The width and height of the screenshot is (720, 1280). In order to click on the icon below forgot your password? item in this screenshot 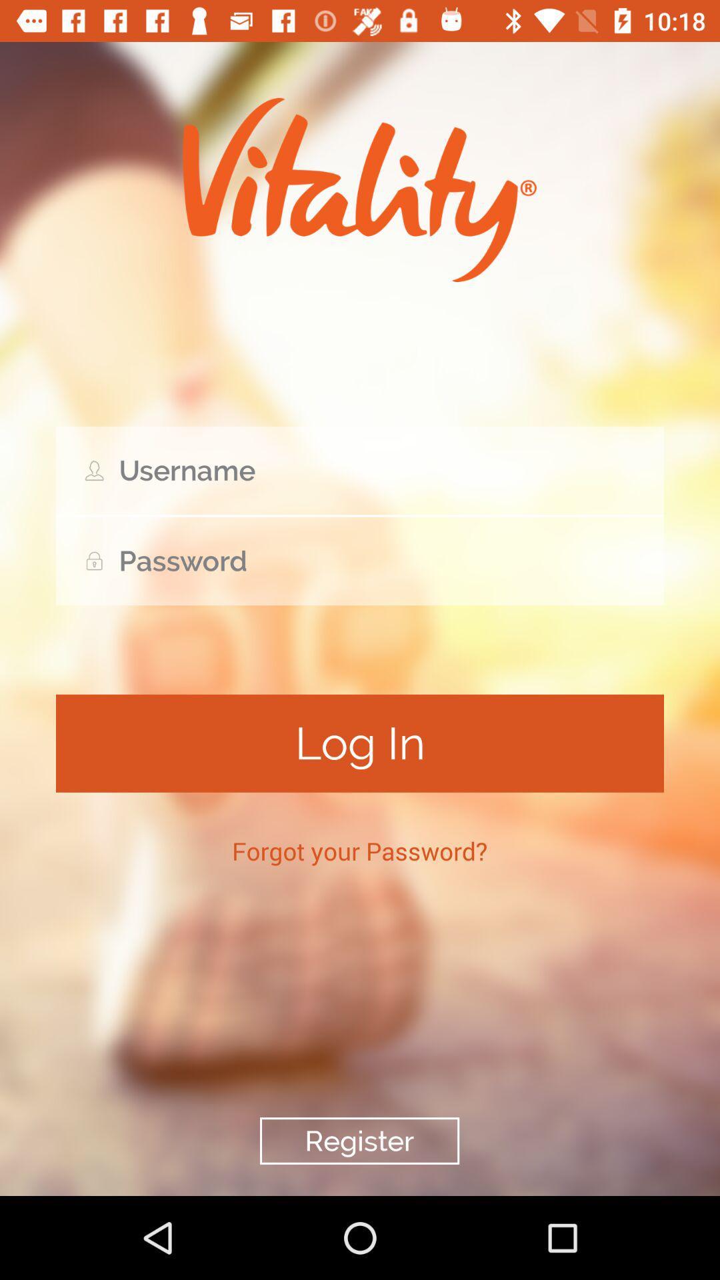, I will do `click(359, 1140)`.